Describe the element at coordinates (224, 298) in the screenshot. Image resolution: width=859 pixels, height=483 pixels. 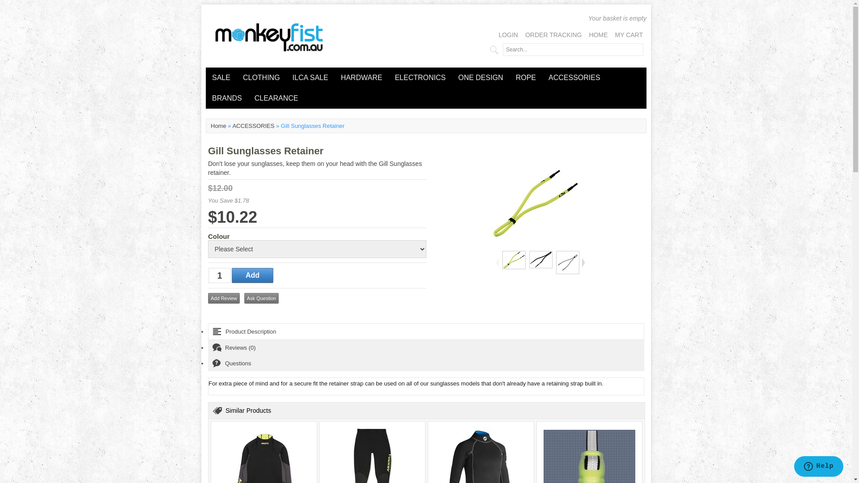
I see `'Add Review'` at that location.